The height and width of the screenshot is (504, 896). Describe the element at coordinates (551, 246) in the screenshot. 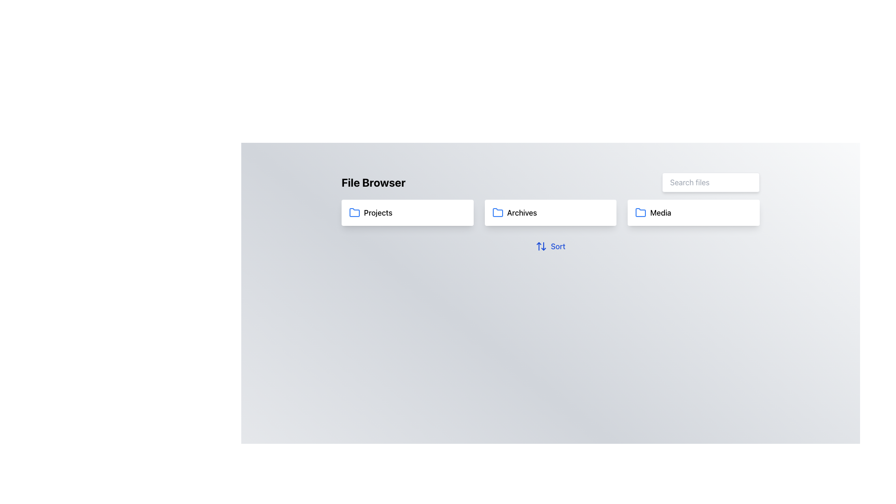

I see `the sorting button located beneath the 'Projects', 'Archives', and 'Media' sections` at that location.